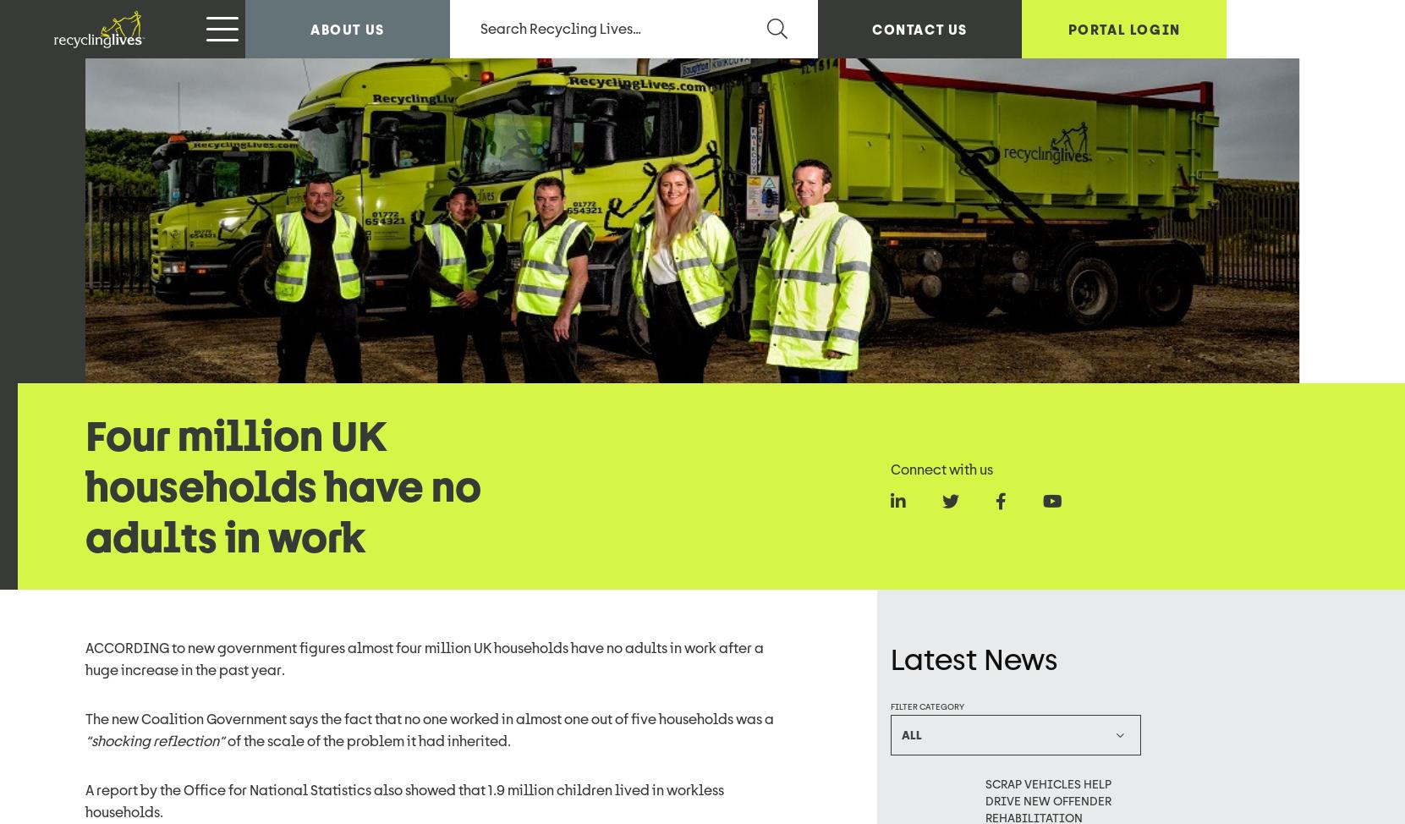 Image resolution: width=1405 pixels, height=824 pixels. Describe the element at coordinates (1060, 398) in the screenshot. I see `'Recycling Lives brings acclaimed prisons programme to Scotland'` at that location.